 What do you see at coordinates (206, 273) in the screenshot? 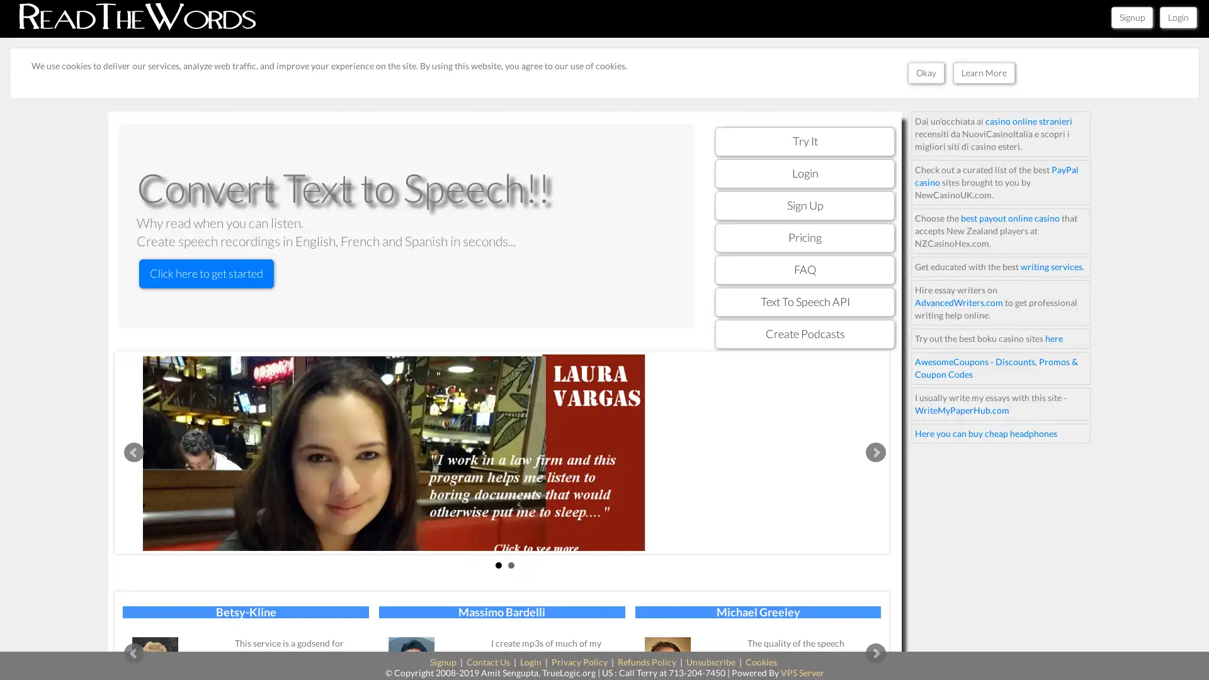
I see `Click here to get started` at bounding box center [206, 273].